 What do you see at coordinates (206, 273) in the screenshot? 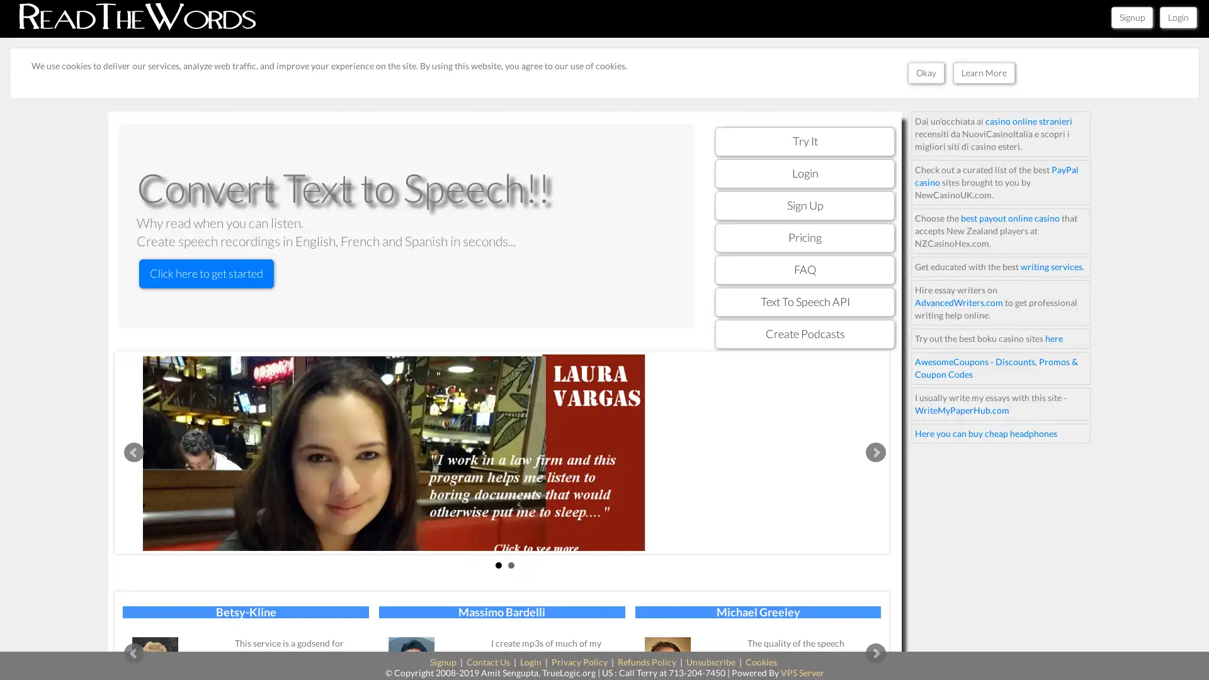
I see `Click here to get started` at bounding box center [206, 273].